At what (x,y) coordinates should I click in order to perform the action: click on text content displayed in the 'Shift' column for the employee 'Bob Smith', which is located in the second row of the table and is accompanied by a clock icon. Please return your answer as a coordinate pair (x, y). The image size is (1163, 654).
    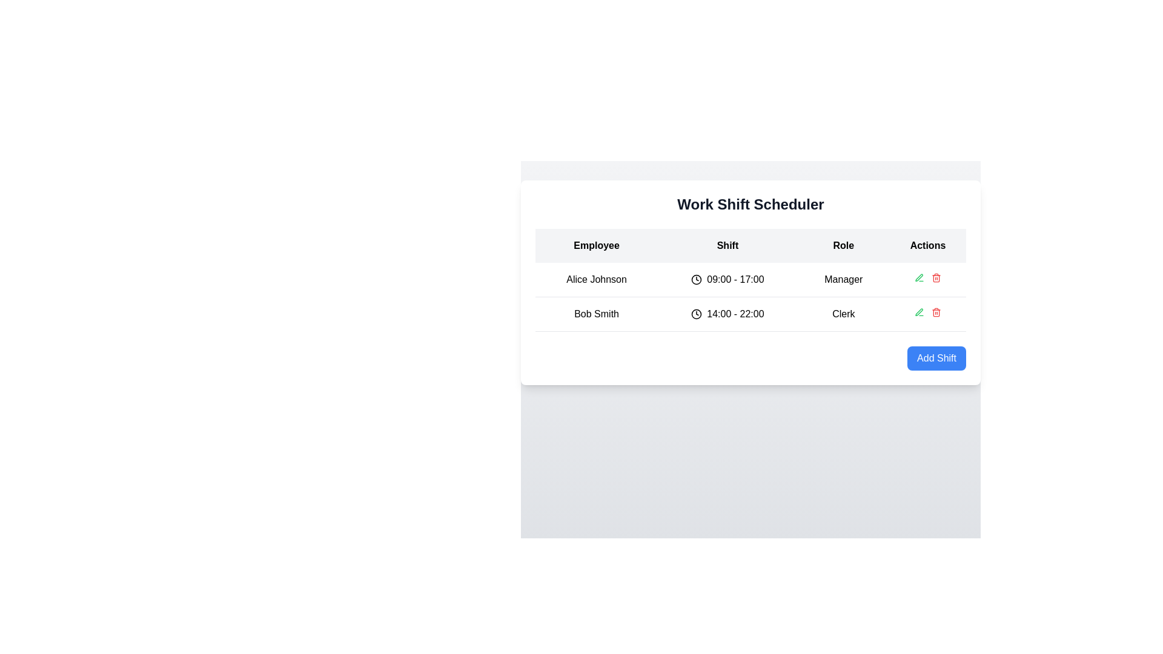
    Looking at the image, I should click on (735, 314).